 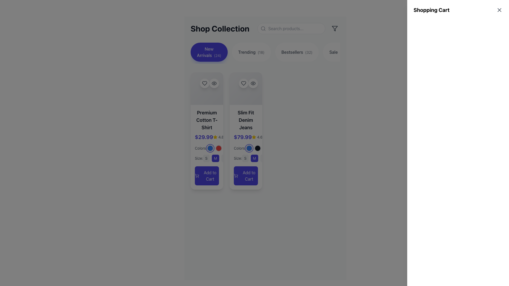 What do you see at coordinates (243, 83) in the screenshot?
I see `the favorite button located at the top-right corner of the card for 'Slim Fit Denim Jeans' to mark the item as a favorite or like it` at bounding box center [243, 83].